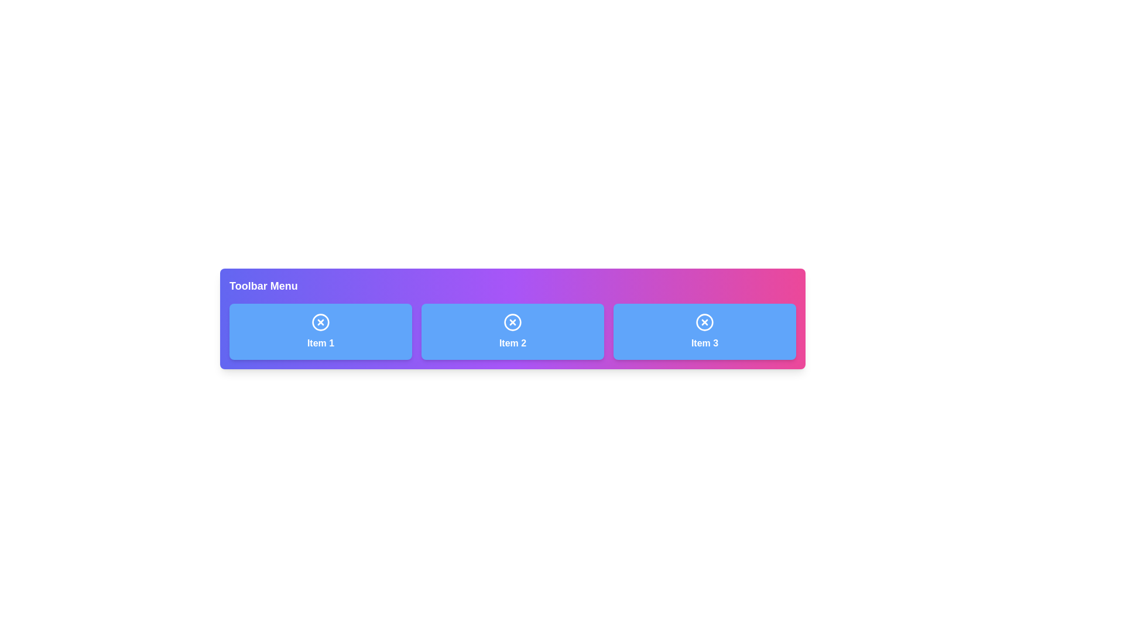 Image resolution: width=1124 pixels, height=632 pixels. I want to click on the close or cancel action icon positioned at the top of the 'Item 2' button in the toolbar menu, so click(512, 322).